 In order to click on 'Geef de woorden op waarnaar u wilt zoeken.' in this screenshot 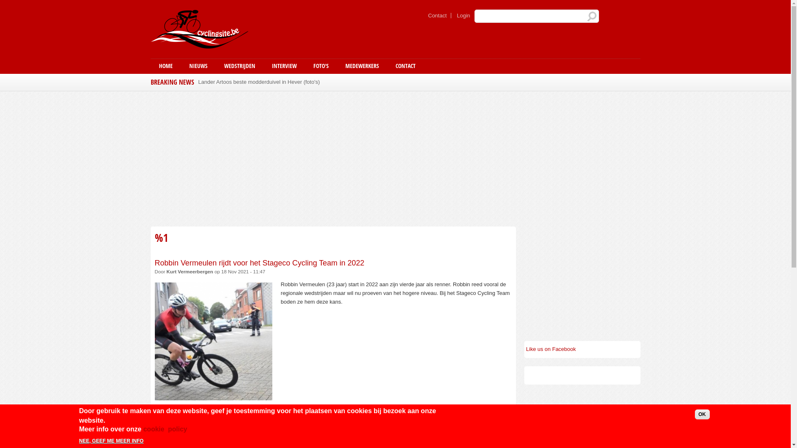, I will do `click(536, 16)`.